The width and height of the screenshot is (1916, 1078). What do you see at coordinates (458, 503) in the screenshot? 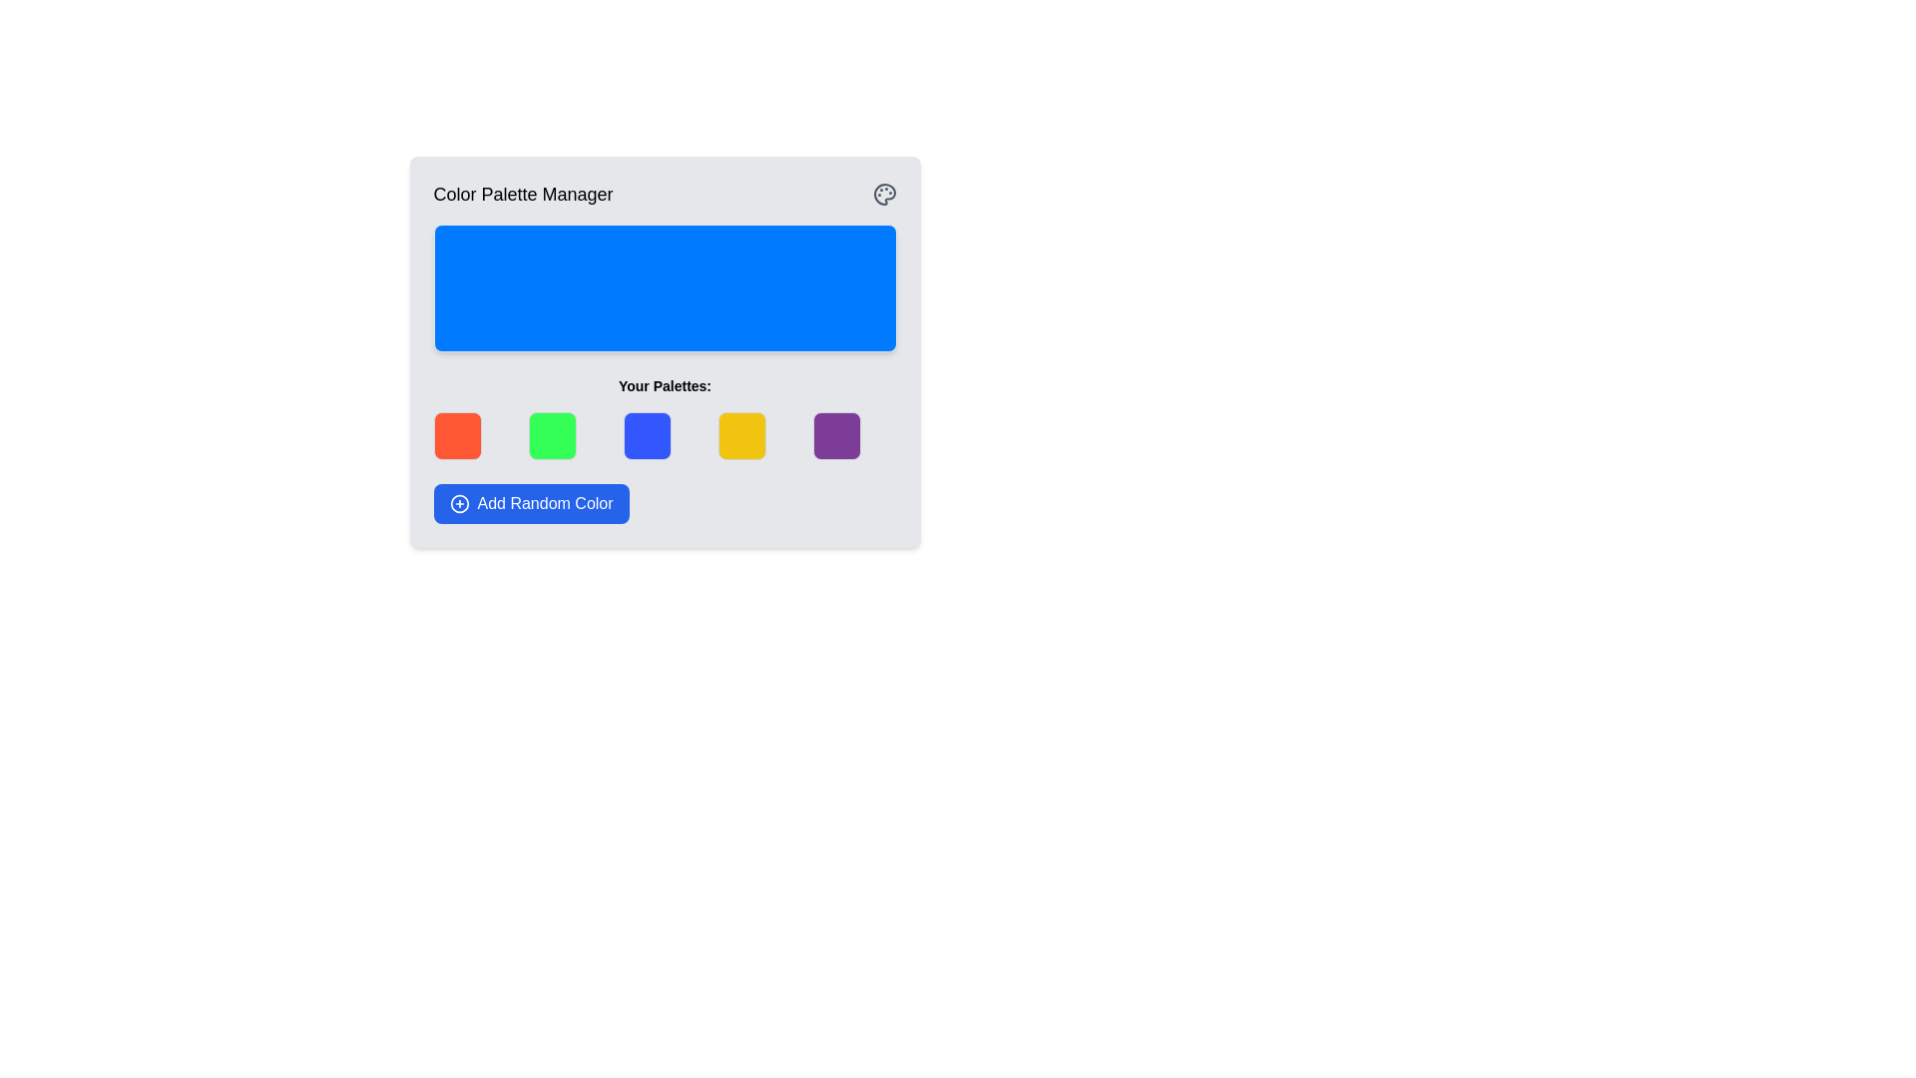
I see `the circular icon with a blue border located within the 'Add Random Color' button at the bottom of the interface` at bounding box center [458, 503].